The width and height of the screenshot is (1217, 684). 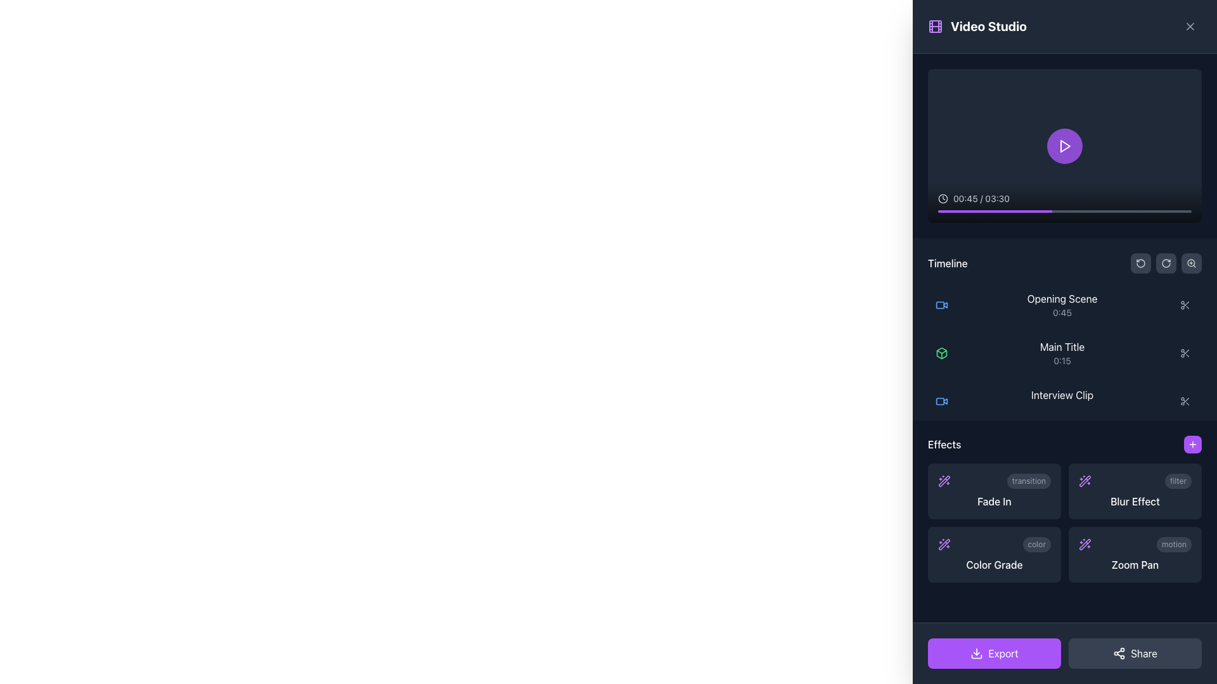 What do you see at coordinates (988, 27) in the screenshot?
I see `the bold, white text element reading 'Video Studio' located at the top-left section of the right panel` at bounding box center [988, 27].